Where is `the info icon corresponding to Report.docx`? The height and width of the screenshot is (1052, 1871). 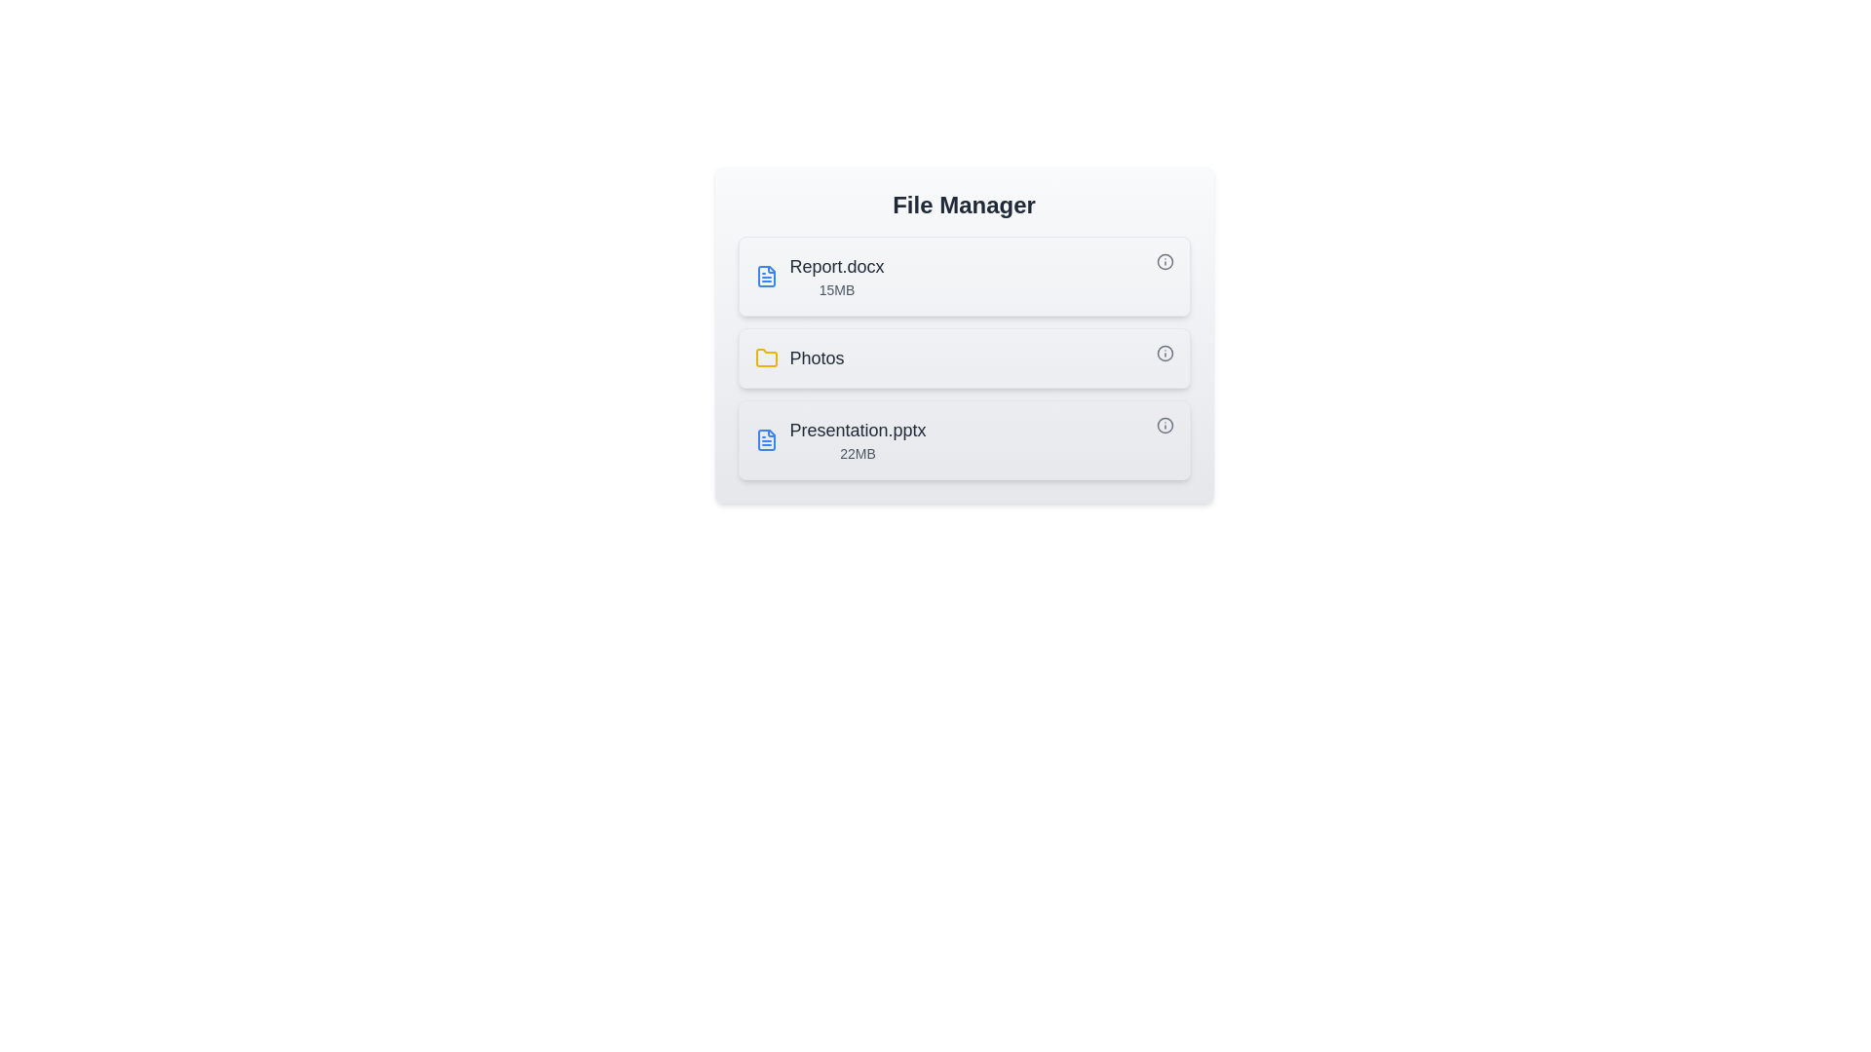
the info icon corresponding to Report.docx is located at coordinates (1165, 261).